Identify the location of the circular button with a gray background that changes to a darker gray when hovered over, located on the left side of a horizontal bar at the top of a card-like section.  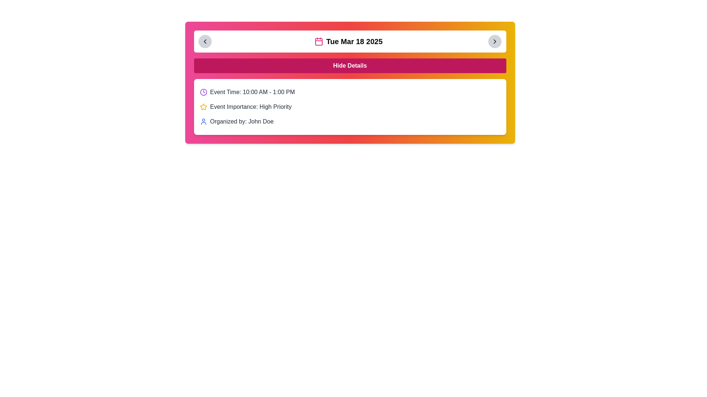
(205, 41).